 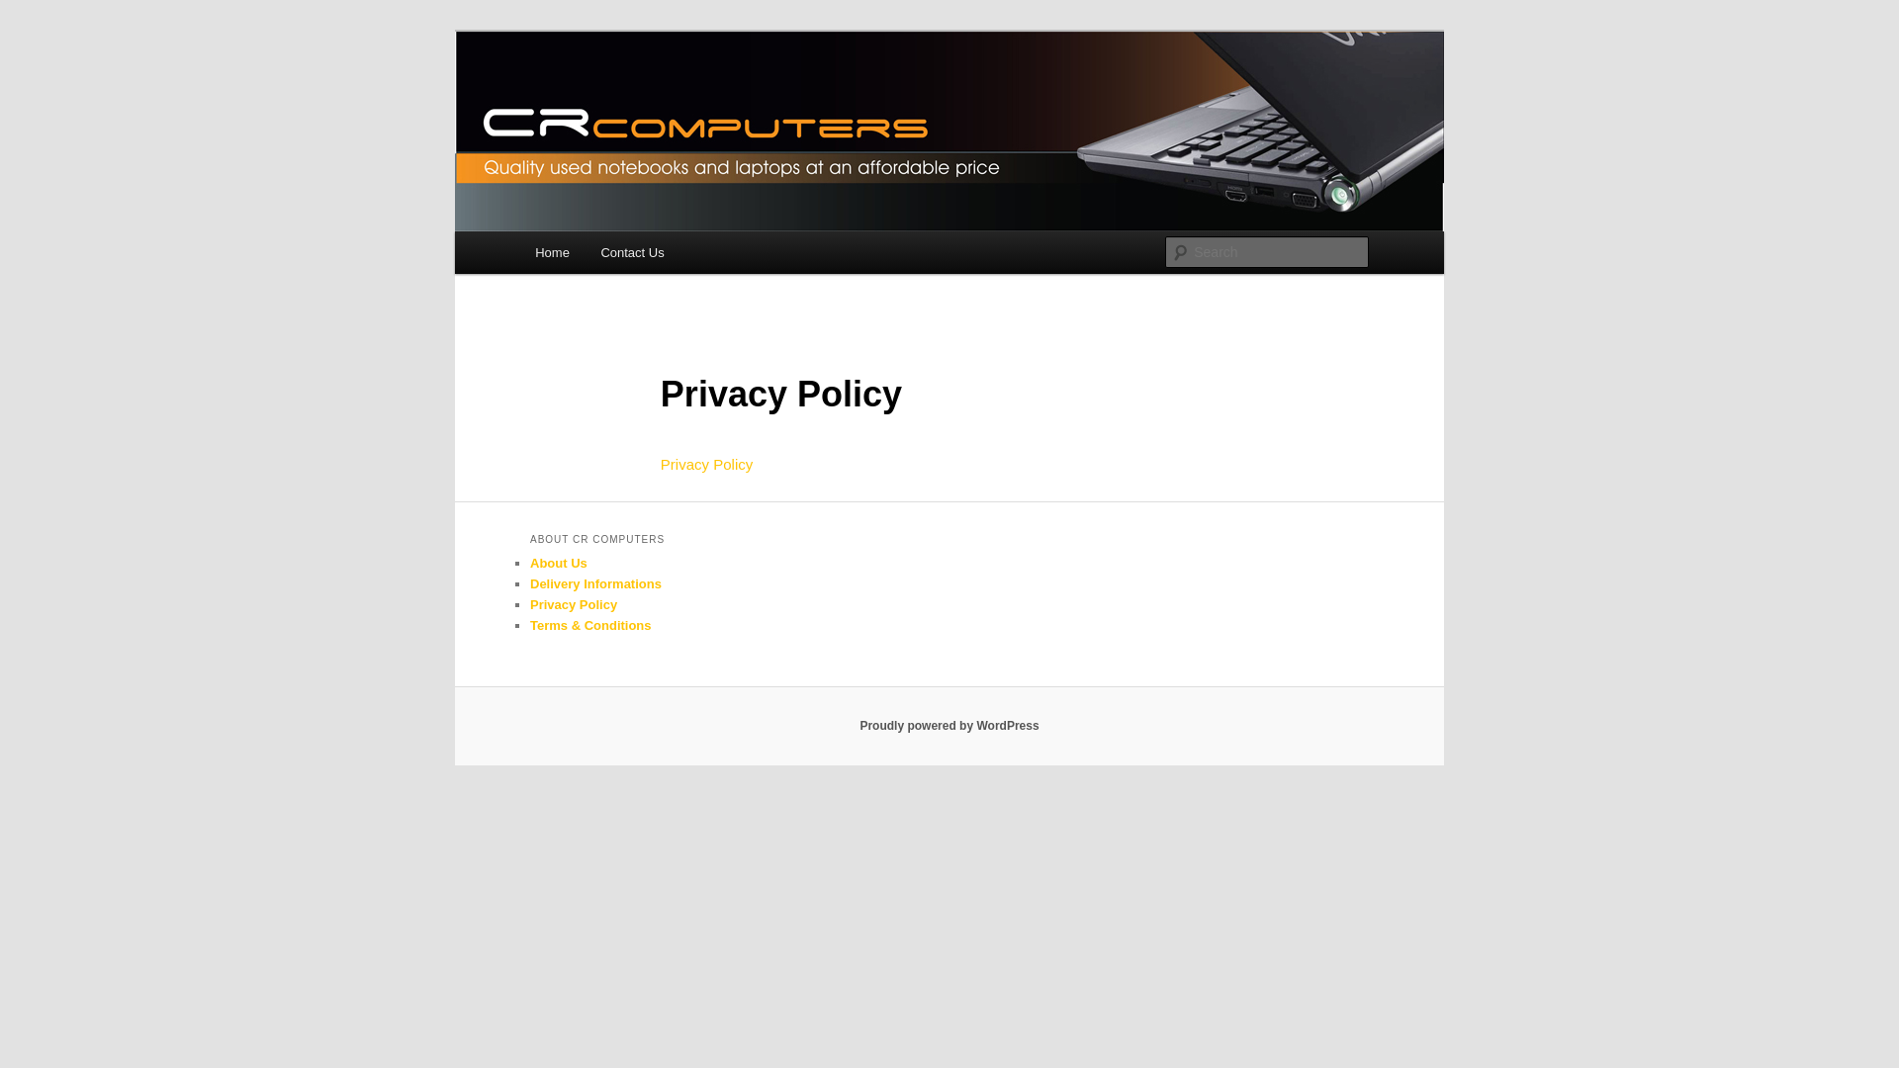 What do you see at coordinates (551, 251) in the screenshot?
I see `'Home'` at bounding box center [551, 251].